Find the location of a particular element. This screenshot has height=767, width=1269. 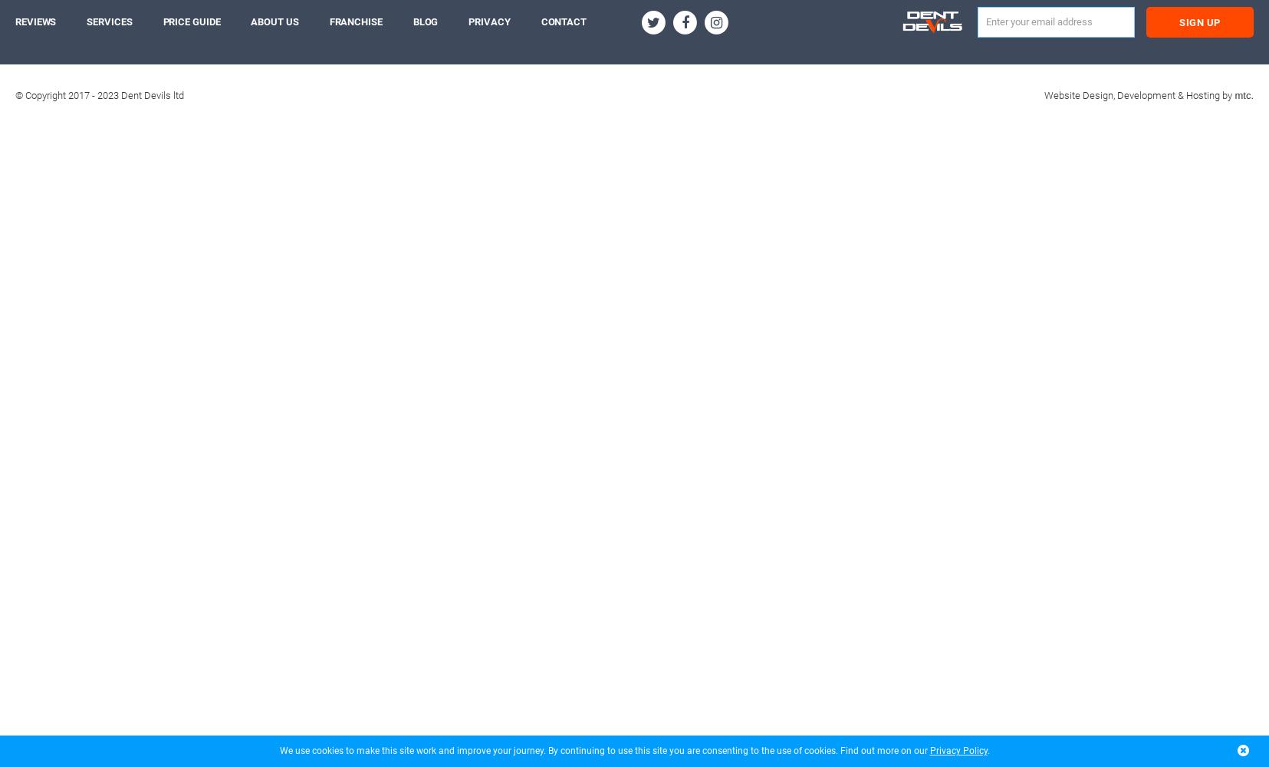

'Services' is located at coordinates (108, 21).